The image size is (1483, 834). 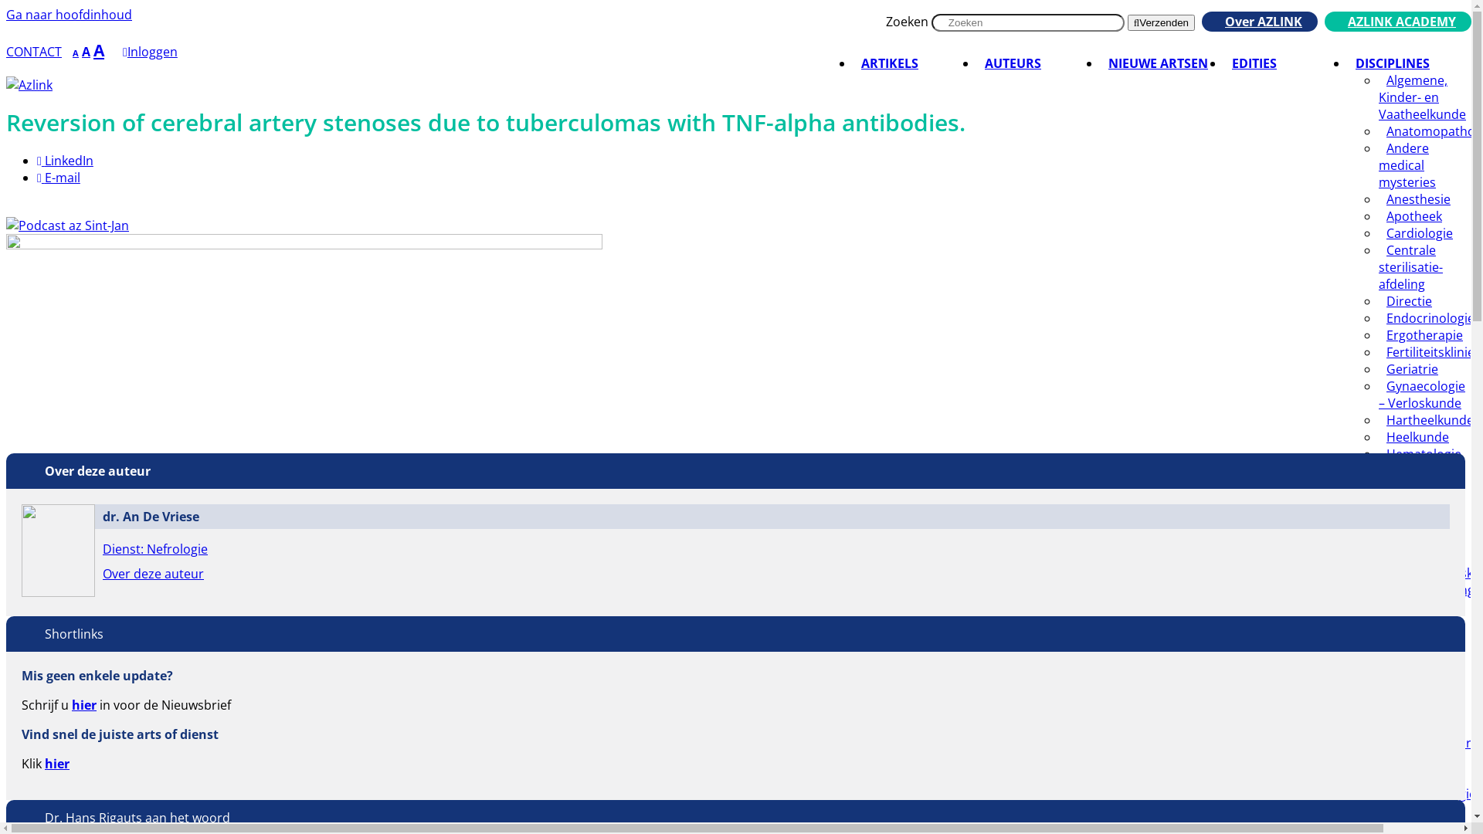 I want to click on 'CONTACT', so click(x=33, y=50).